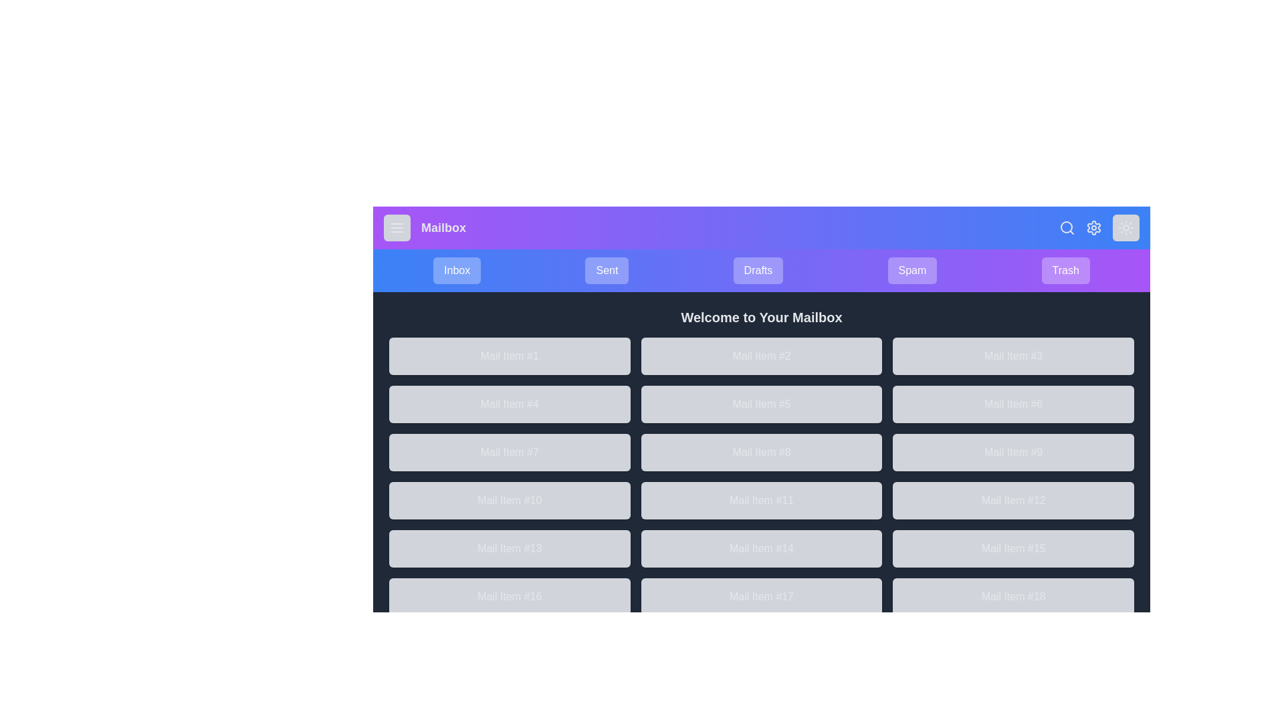  Describe the element at coordinates (1065, 271) in the screenshot. I see `the navigation or action element Trash` at that location.